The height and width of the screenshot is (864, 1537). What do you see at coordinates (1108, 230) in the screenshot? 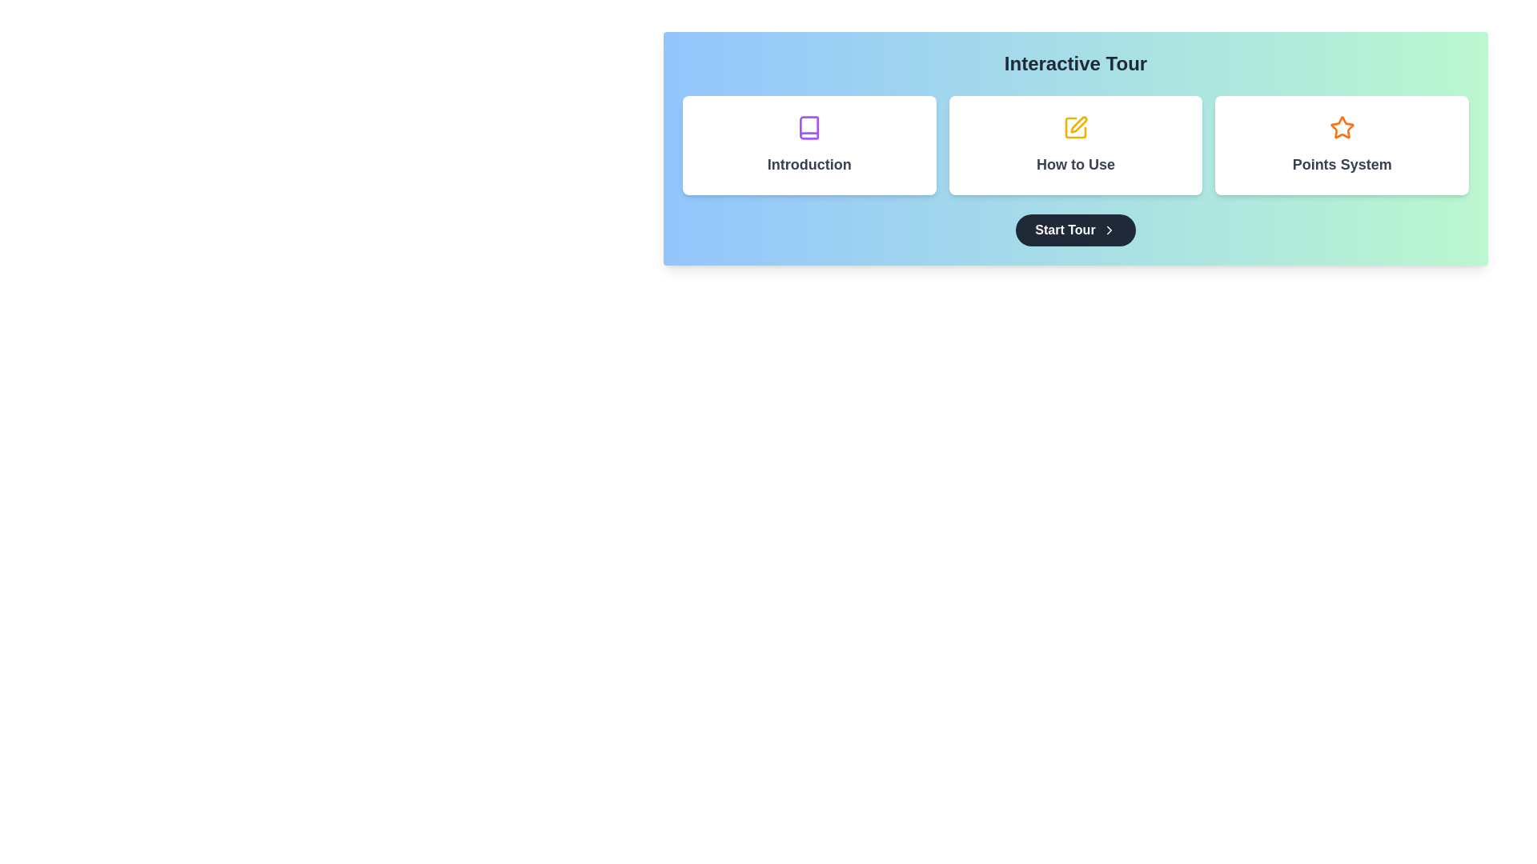
I see `the small right-pointing chevron icon located to the right of the 'Start Tour' label on the dark blue button to initiate an action` at bounding box center [1108, 230].